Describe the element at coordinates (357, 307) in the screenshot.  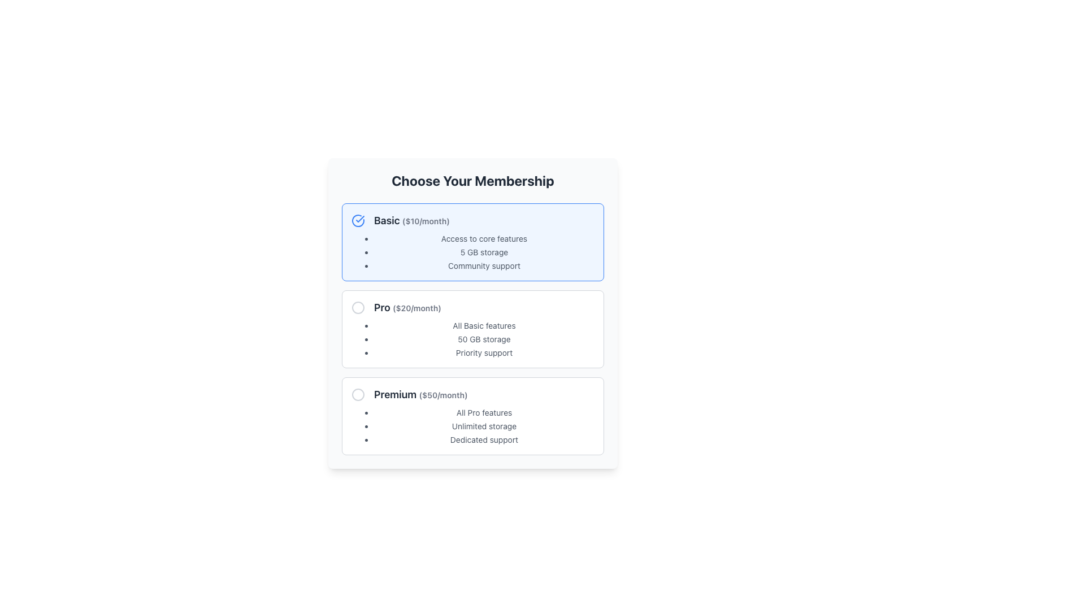
I see `the circular gray icon located to the immediate left of the text 'Pro ($20/month)' in the membership tier options` at that location.